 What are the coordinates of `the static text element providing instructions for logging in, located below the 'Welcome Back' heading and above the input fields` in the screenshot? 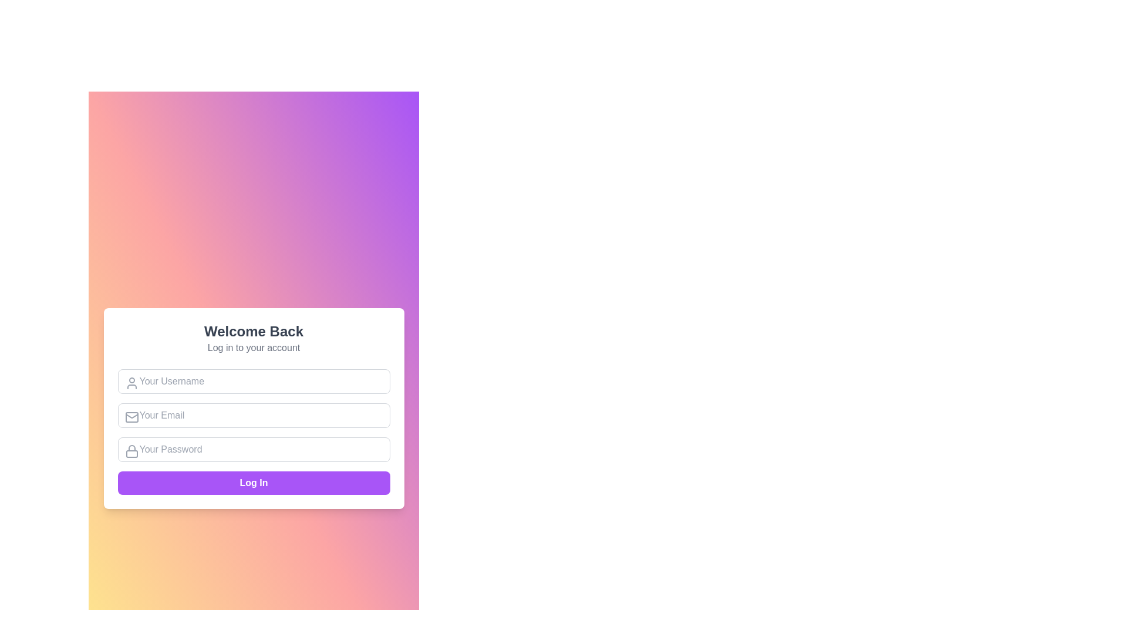 It's located at (253, 348).